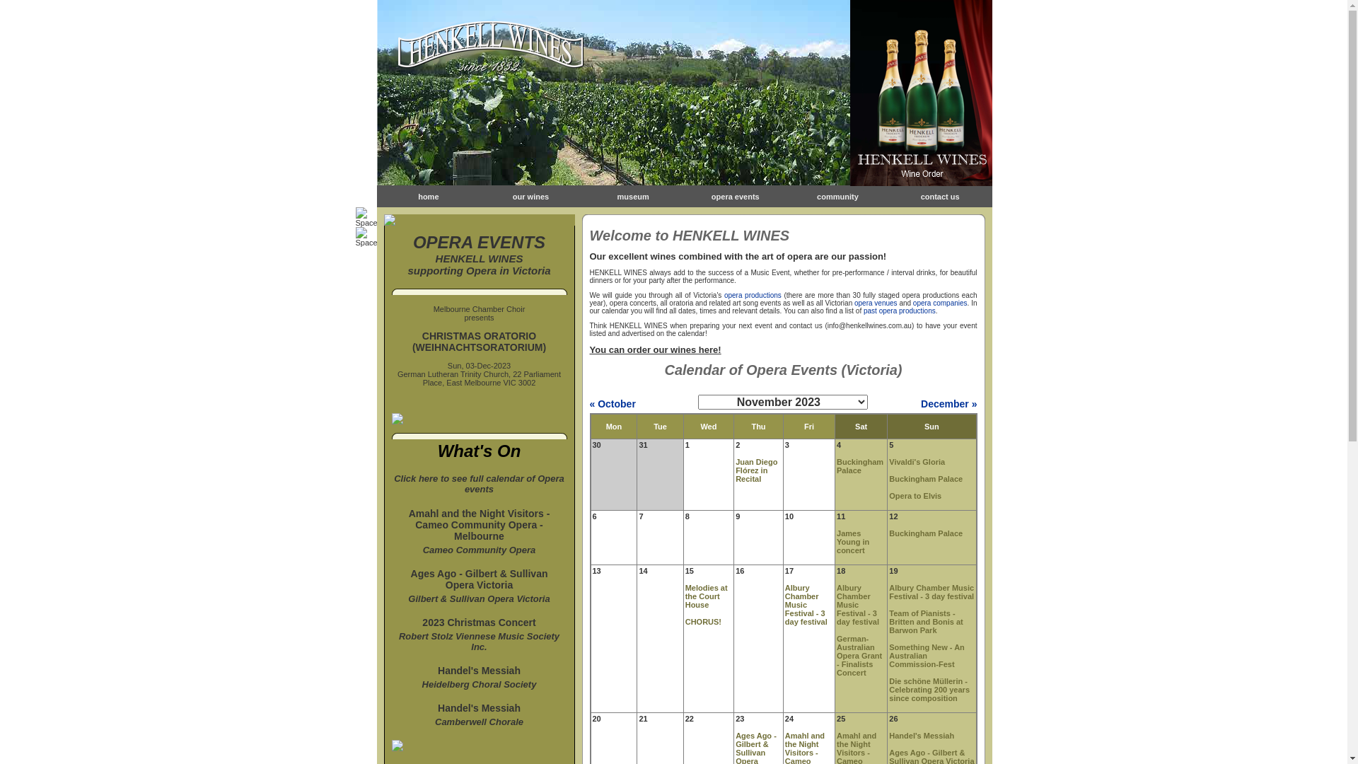 Image resolution: width=1358 pixels, height=764 pixels. I want to click on 'Something New - An Australian Commission-Fest', so click(927, 655).